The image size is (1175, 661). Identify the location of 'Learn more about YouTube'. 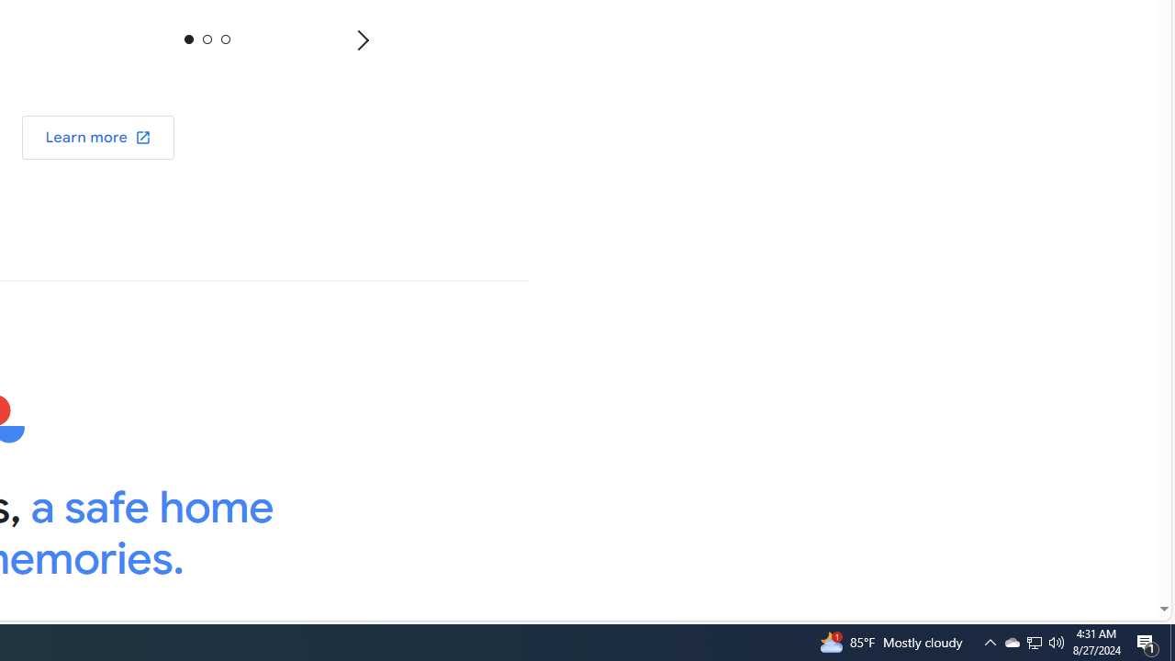
(97, 136).